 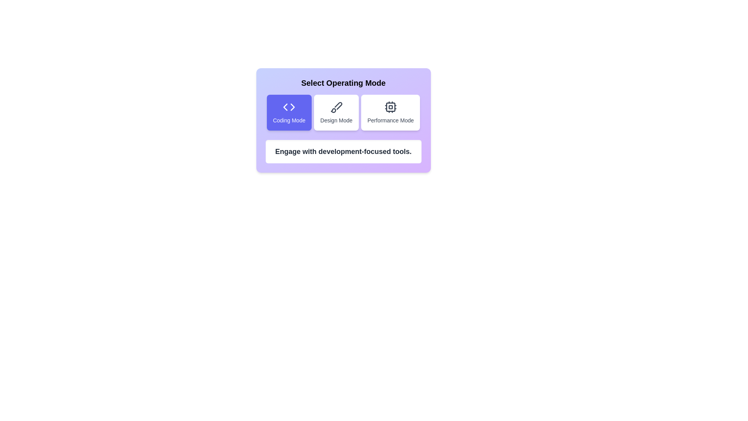 What do you see at coordinates (390, 113) in the screenshot?
I see `the button corresponding to Performance Mode to view its description` at bounding box center [390, 113].